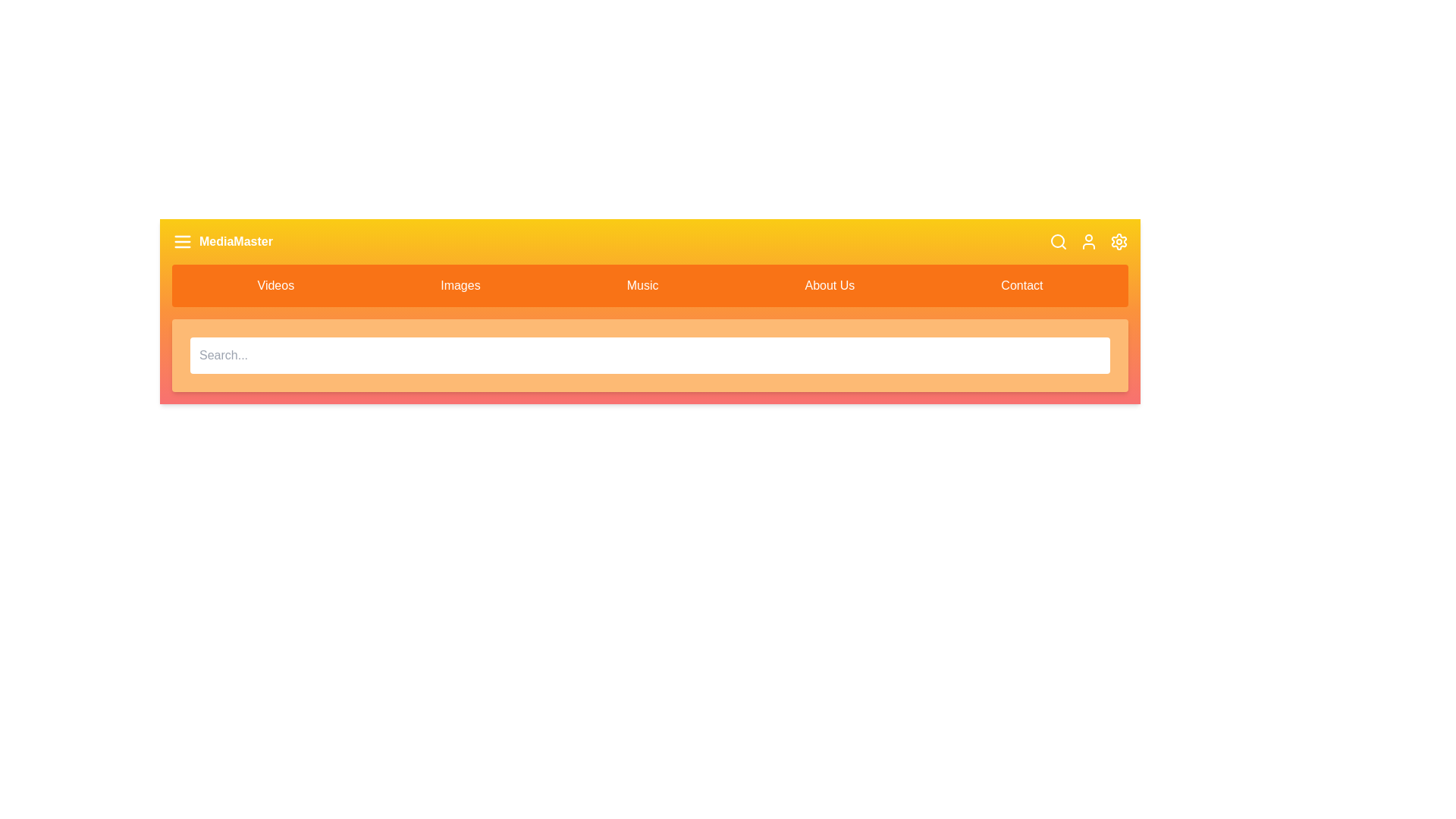 The image size is (1456, 819). I want to click on the menu button to toggle the visibility of the menu, so click(182, 241).